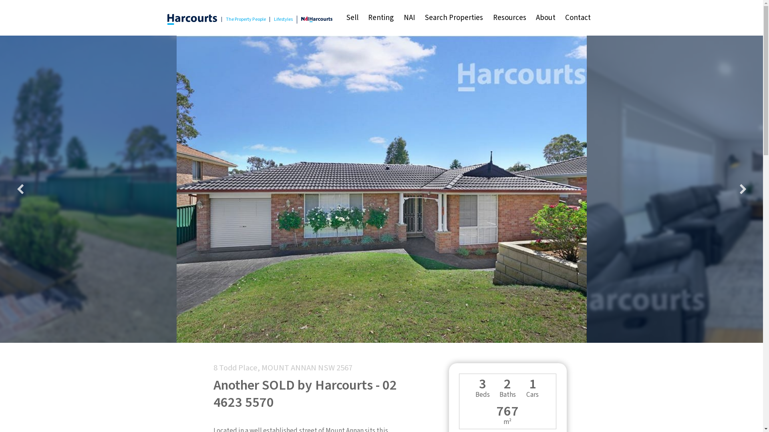  Describe the element at coordinates (509, 18) in the screenshot. I see `'Resources'` at that location.